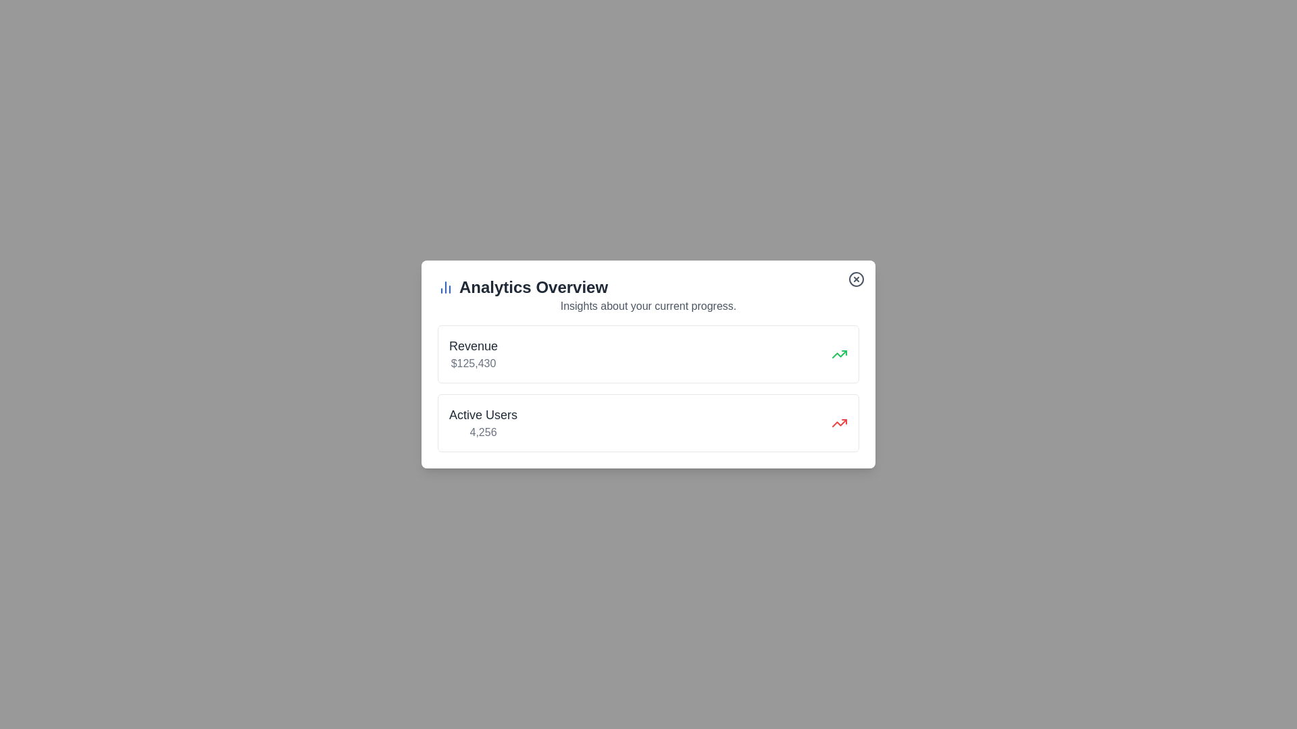 The width and height of the screenshot is (1297, 729). Describe the element at coordinates (473, 353) in the screenshot. I see `the text display element showing revenue information, located at the upper-left corner of its containing card` at that location.